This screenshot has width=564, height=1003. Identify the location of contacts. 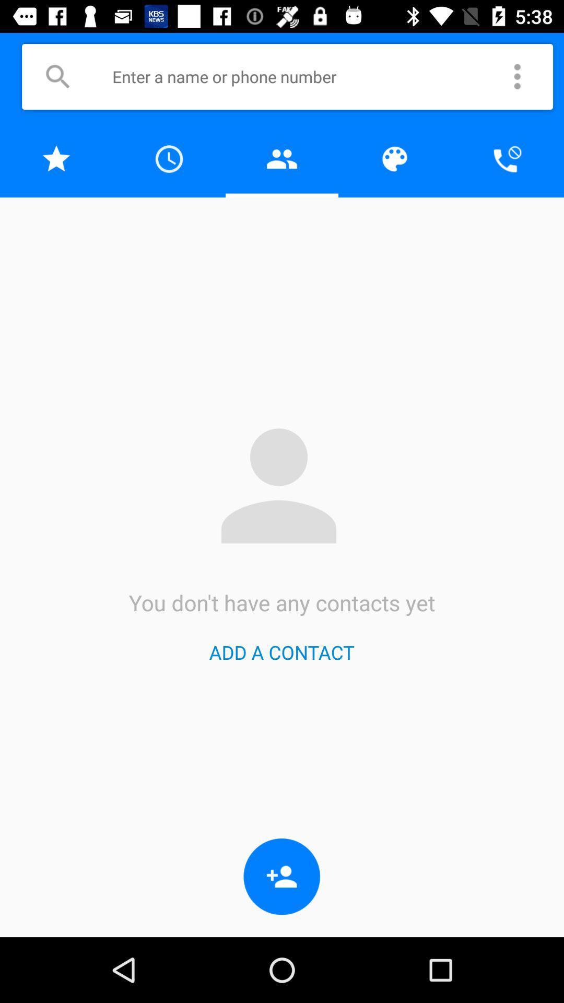
(282, 158).